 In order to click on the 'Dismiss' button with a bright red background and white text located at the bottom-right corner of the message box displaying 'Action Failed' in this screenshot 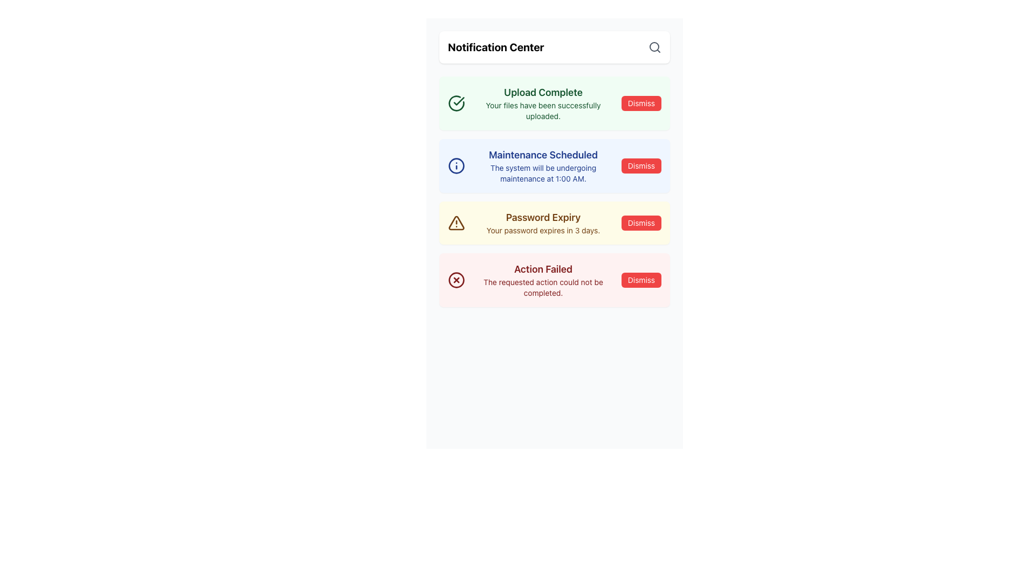, I will do `click(641, 280)`.